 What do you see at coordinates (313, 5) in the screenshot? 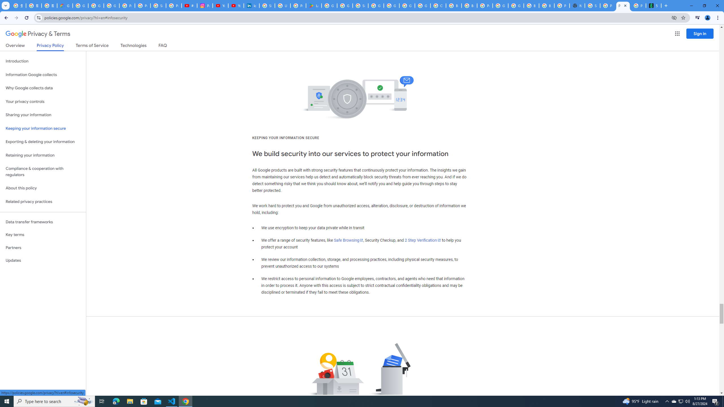
I see `'Last Shelter: Survival - Apps on Google Play'` at bounding box center [313, 5].